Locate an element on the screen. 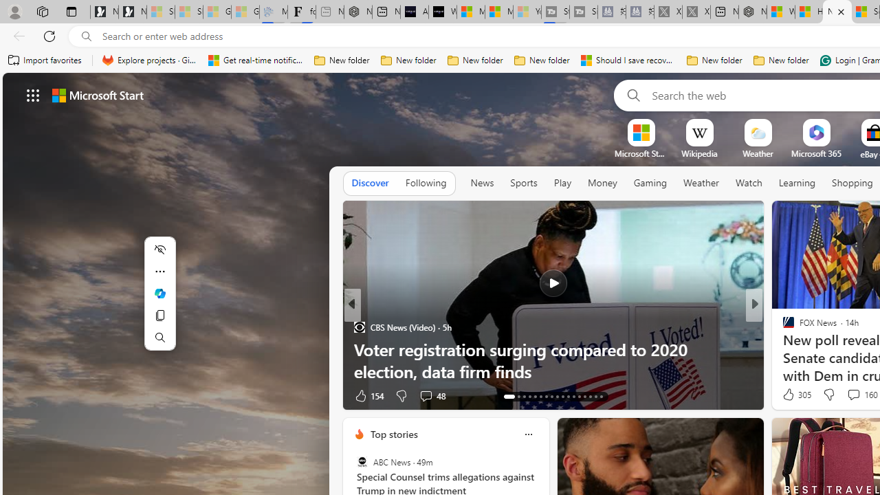 This screenshot has height=495, width=880. 'Weather' is located at coordinates (701, 182).